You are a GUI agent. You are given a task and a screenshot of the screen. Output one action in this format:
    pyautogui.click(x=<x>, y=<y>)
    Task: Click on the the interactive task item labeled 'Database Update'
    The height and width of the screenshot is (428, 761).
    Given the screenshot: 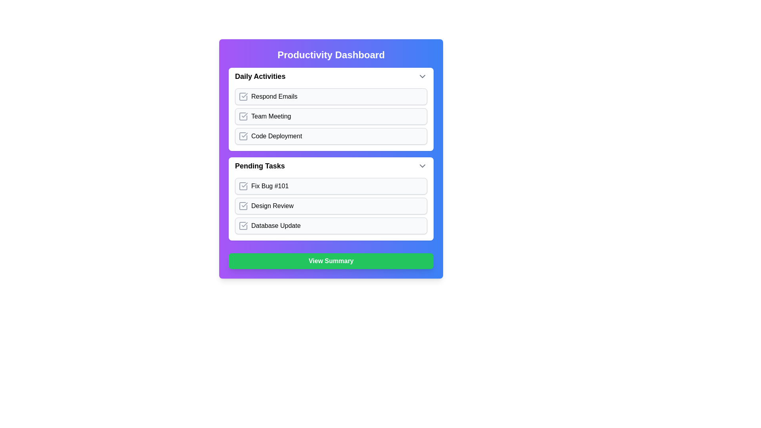 What is the action you would take?
    pyautogui.click(x=331, y=226)
    